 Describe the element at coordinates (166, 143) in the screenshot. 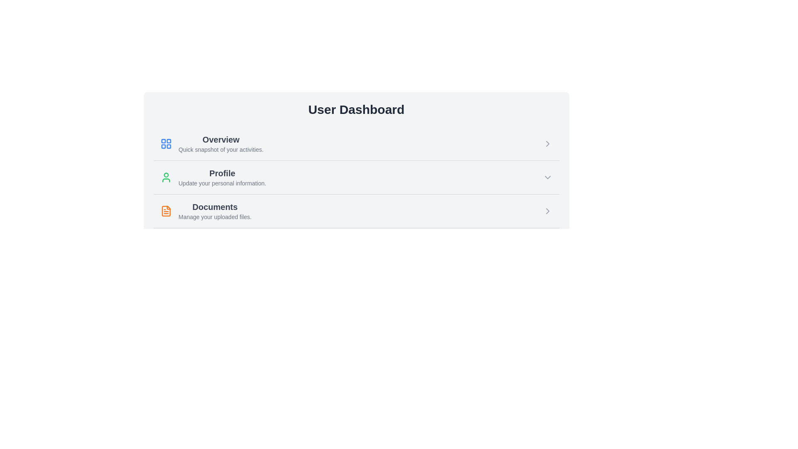

I see `the blue grid icon representing the interactive section indicator located to the left of the 'Overview' text in the vertical menu` at that location.